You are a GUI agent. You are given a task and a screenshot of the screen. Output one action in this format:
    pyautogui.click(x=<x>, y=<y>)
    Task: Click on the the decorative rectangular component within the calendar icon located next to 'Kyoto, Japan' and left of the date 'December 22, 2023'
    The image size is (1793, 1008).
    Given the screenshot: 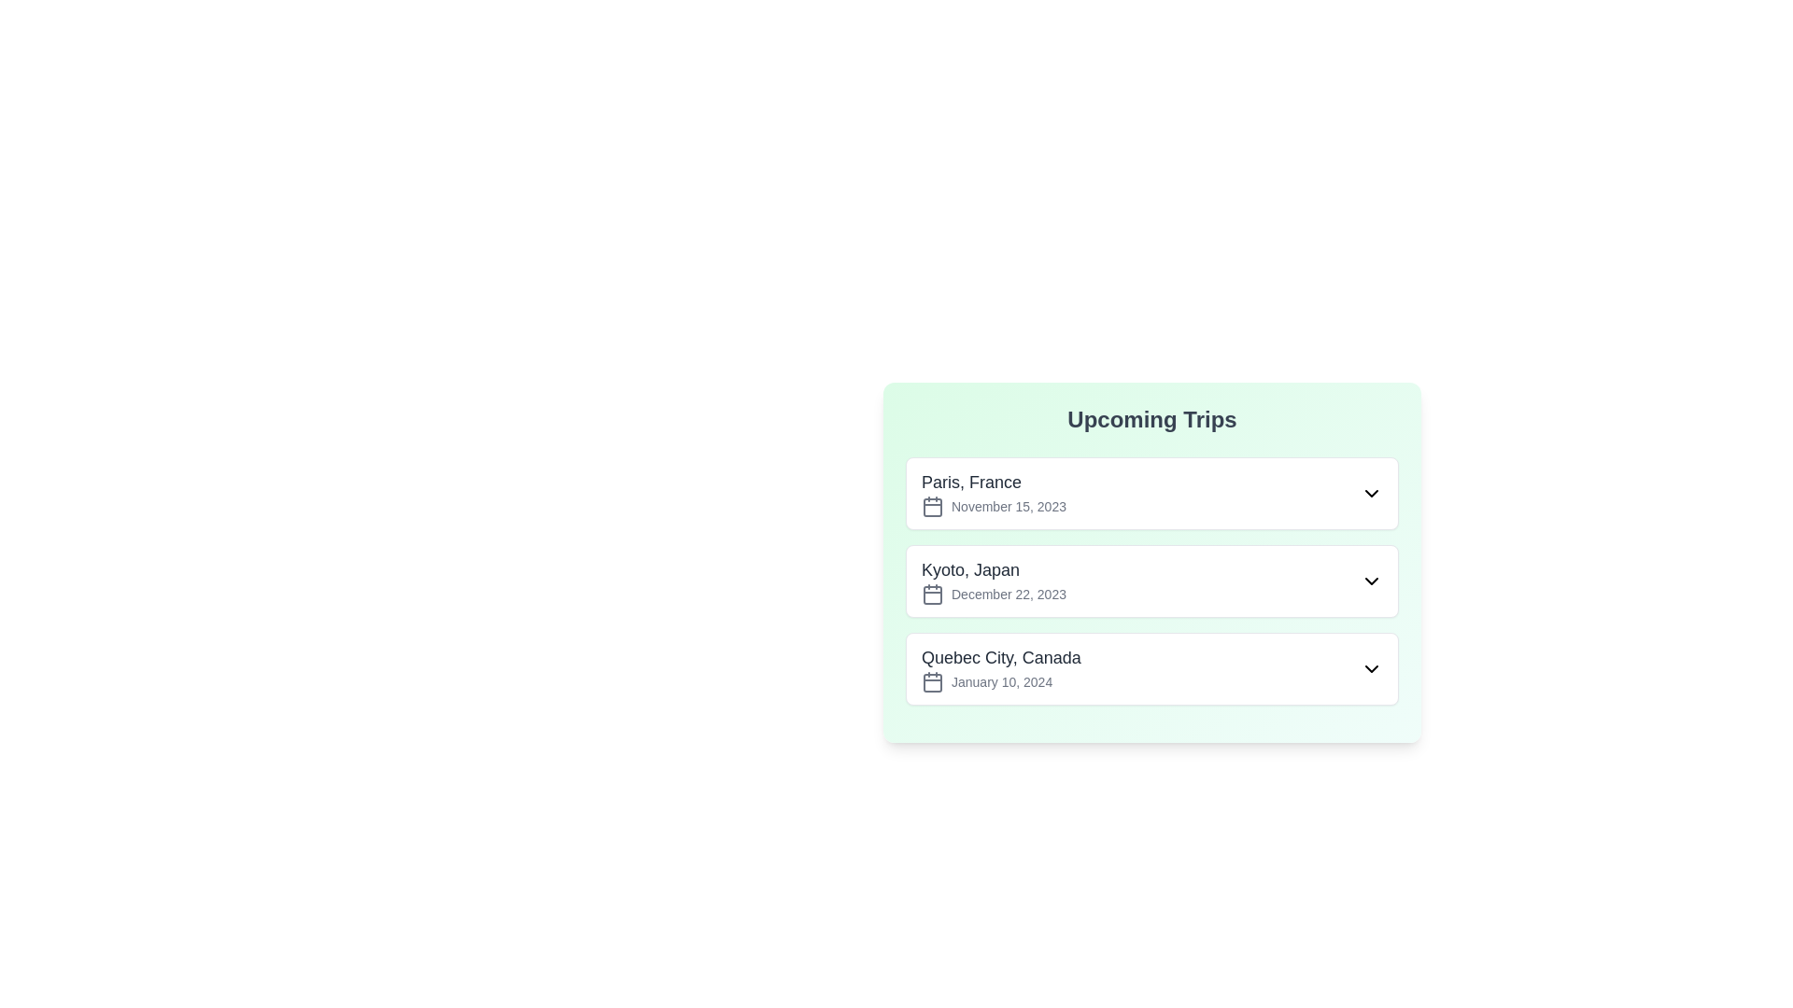 What is the action you would take?
    pyautogui.click(x=932, y=595)
    